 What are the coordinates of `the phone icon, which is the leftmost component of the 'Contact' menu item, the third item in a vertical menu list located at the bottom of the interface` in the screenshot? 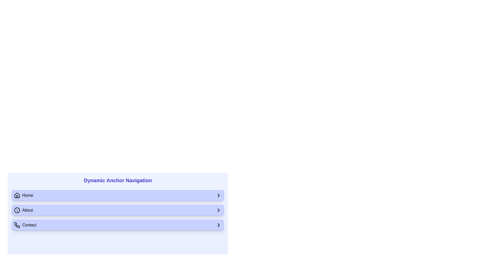 It's located at (17, 225).